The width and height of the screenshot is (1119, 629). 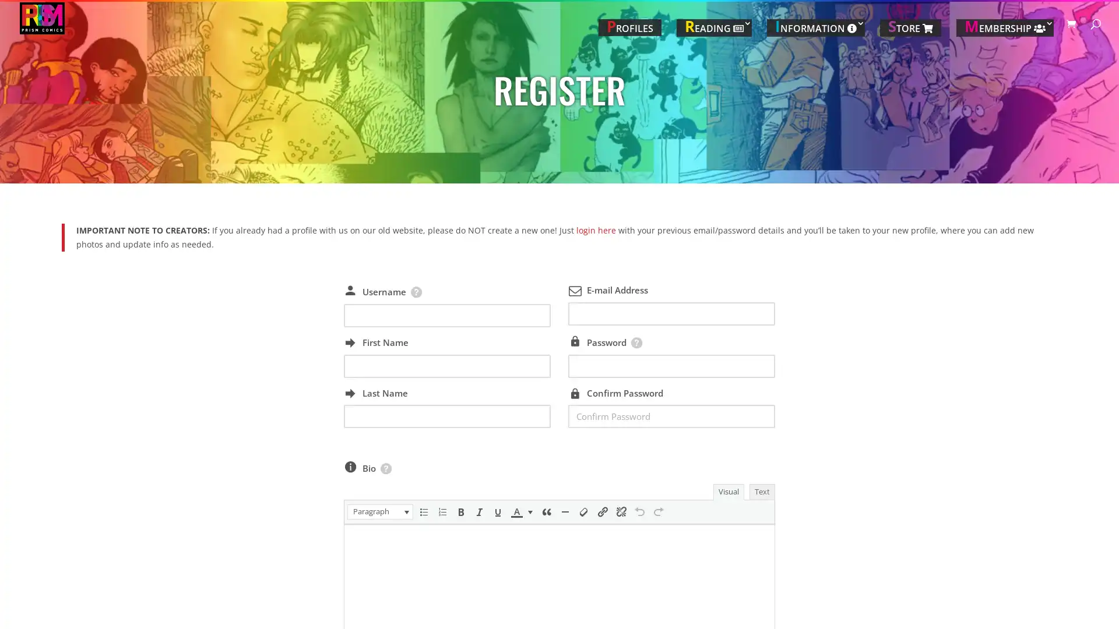 I want to click on Underline (U), so click(x=498, y=511).